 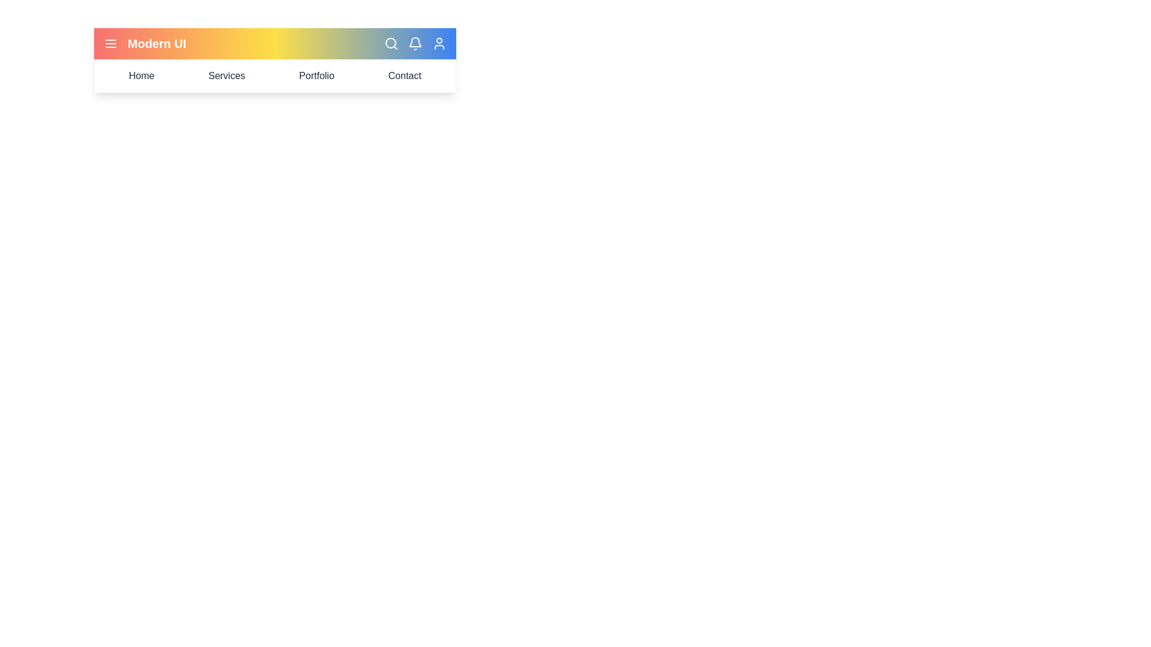 I want to click on the search icon in the app bar, so click(x=391, y=43).